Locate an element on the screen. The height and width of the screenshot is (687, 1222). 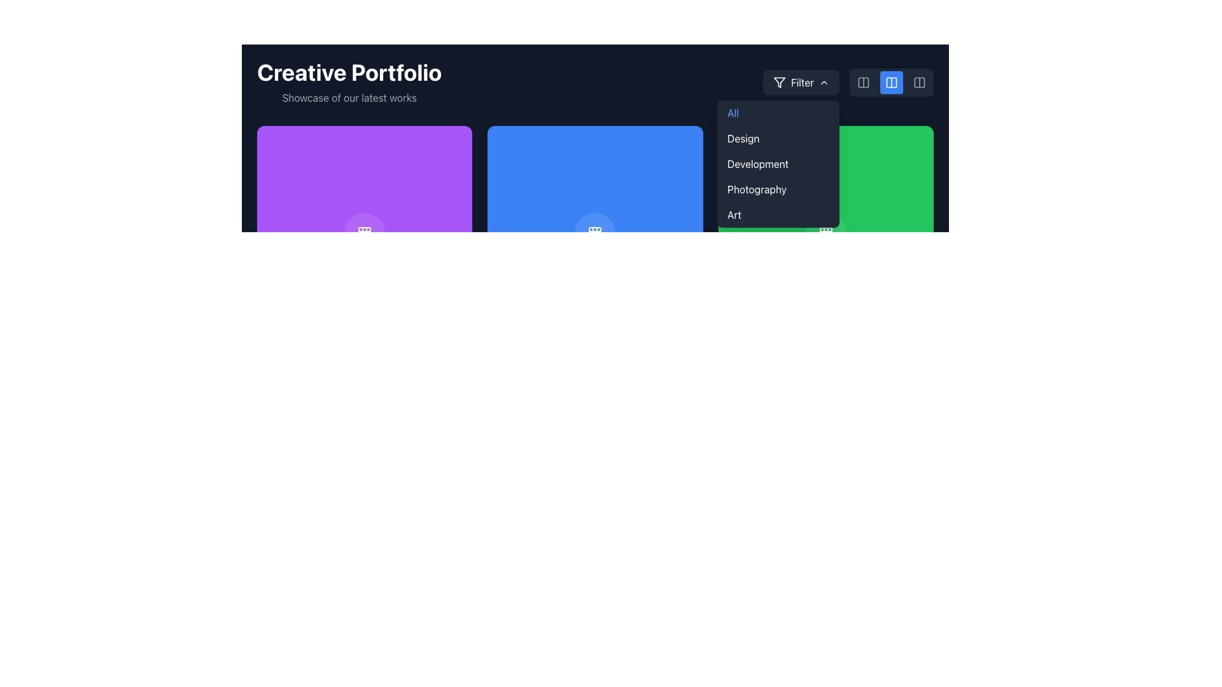
the 'Art' filter button, which is the fifth item in the vertical dropdown menu under the 'Filter' button, to trigger a visual change is located at coordinates (778, 214).